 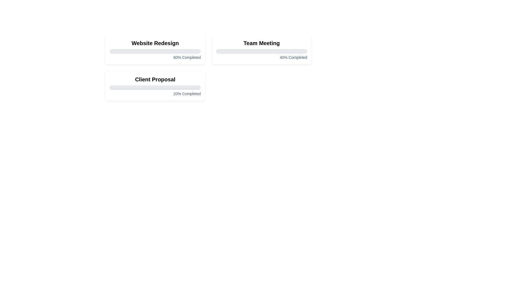 What do you see at coordinates (155, 79) in the screenshot?
I see `the task title Client Proposal to select it` at bounding box center [155, 79].